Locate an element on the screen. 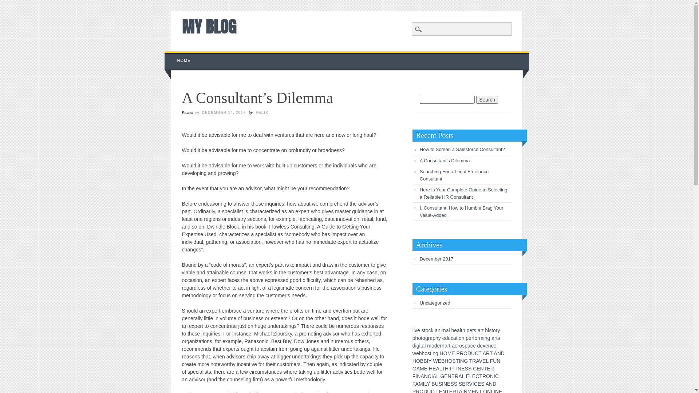  'E' is located at coordinates (474, 376).